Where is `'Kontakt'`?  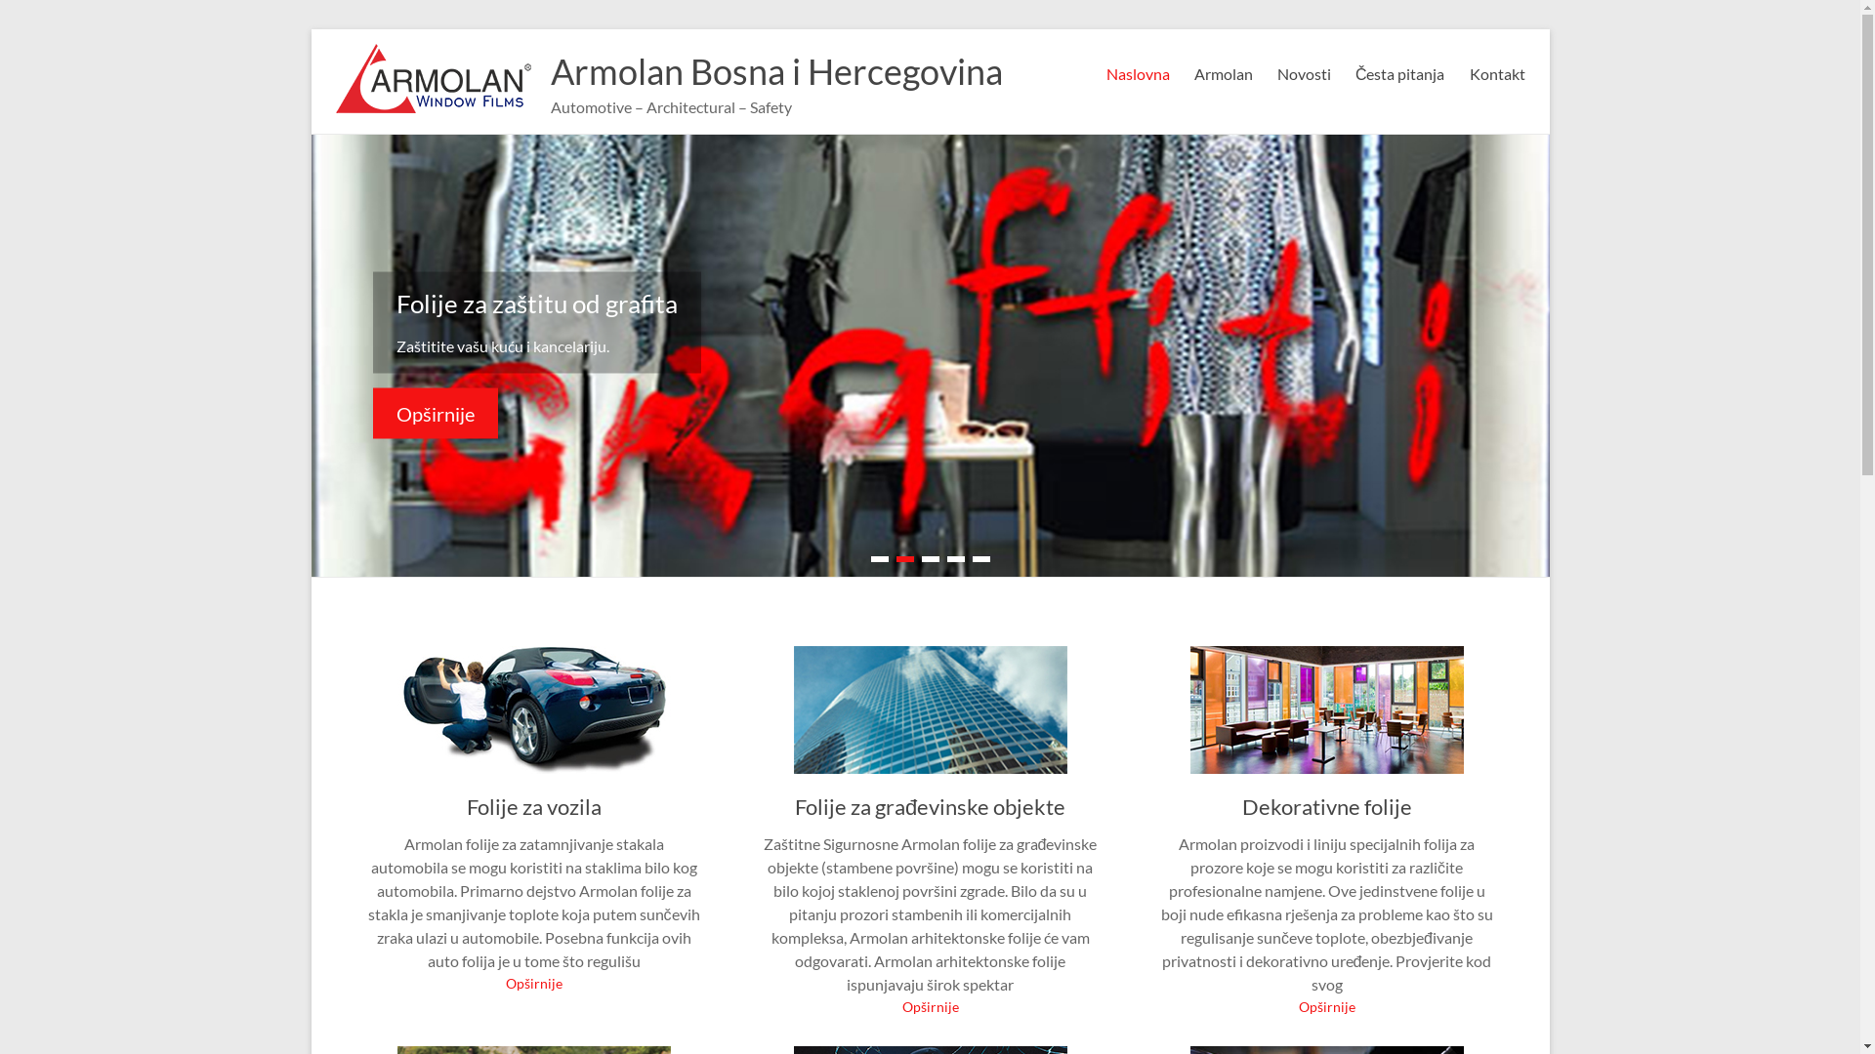 'Kontakt' is located at coordinates (1495, 70).